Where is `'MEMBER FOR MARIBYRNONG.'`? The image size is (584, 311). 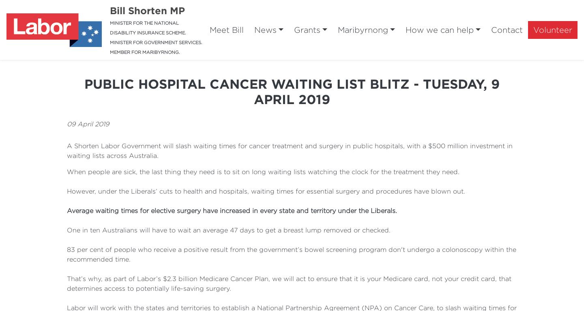 'MEMBER FOR MARIBYRNONG.' is located at coordinates (144, 52).